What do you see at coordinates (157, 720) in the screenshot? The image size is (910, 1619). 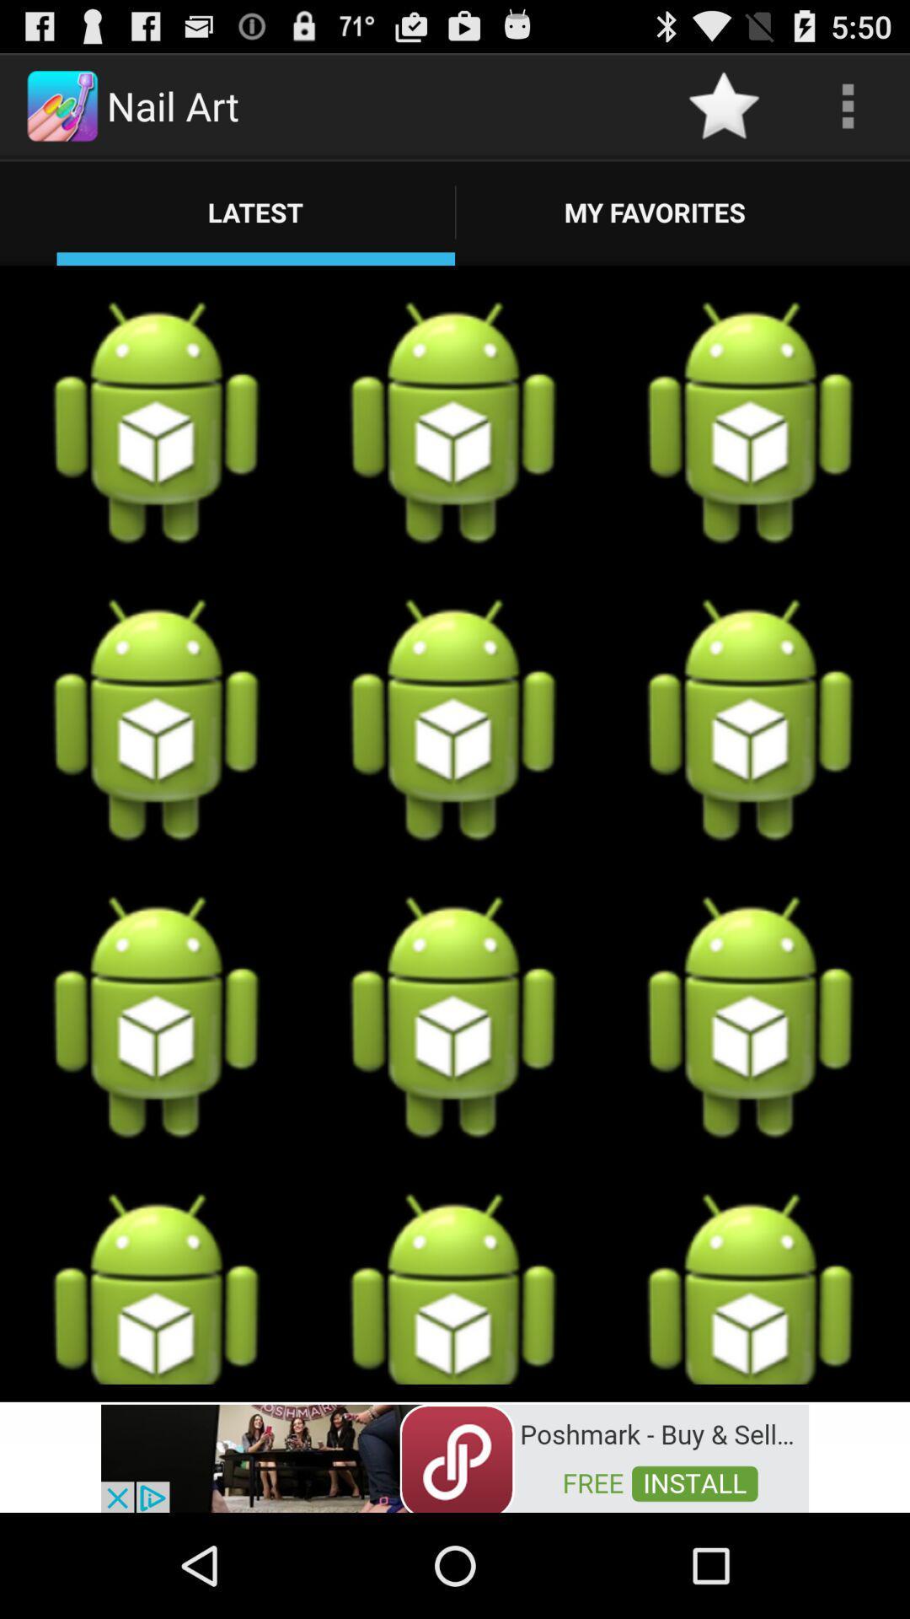 I see `the fourth android icon` at bounding box center [157, 720].